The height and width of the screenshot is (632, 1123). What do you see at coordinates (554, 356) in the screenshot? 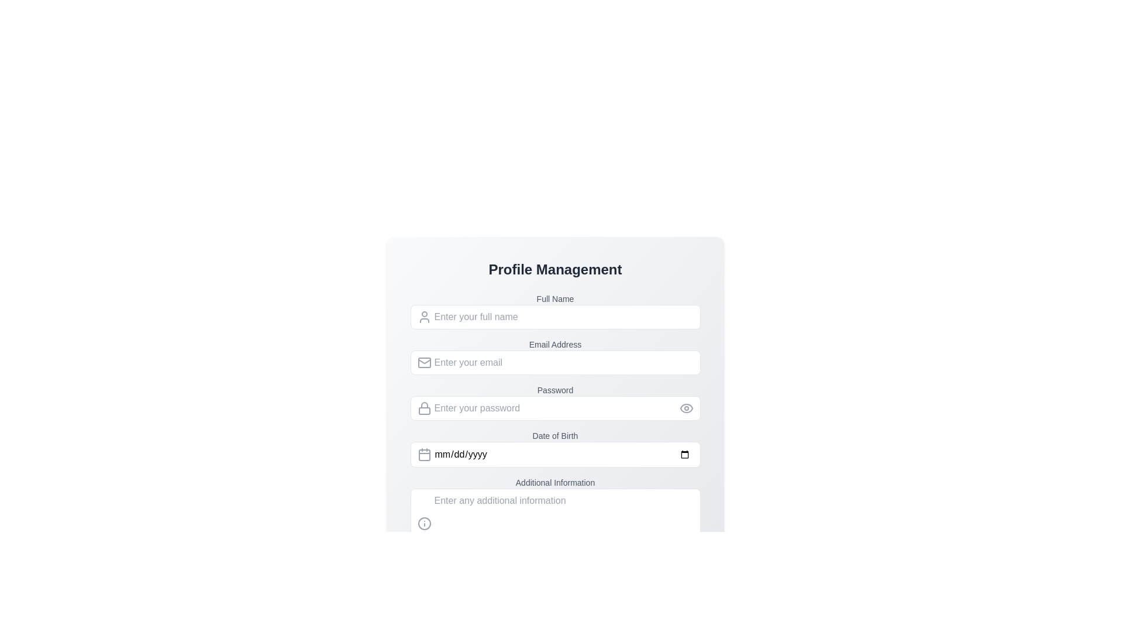
I see `the email address input field, which is the second field in the vertical form after the 'Full Name' field and before the 'Password' field, to focus on it` at bounding box center [554, 356].